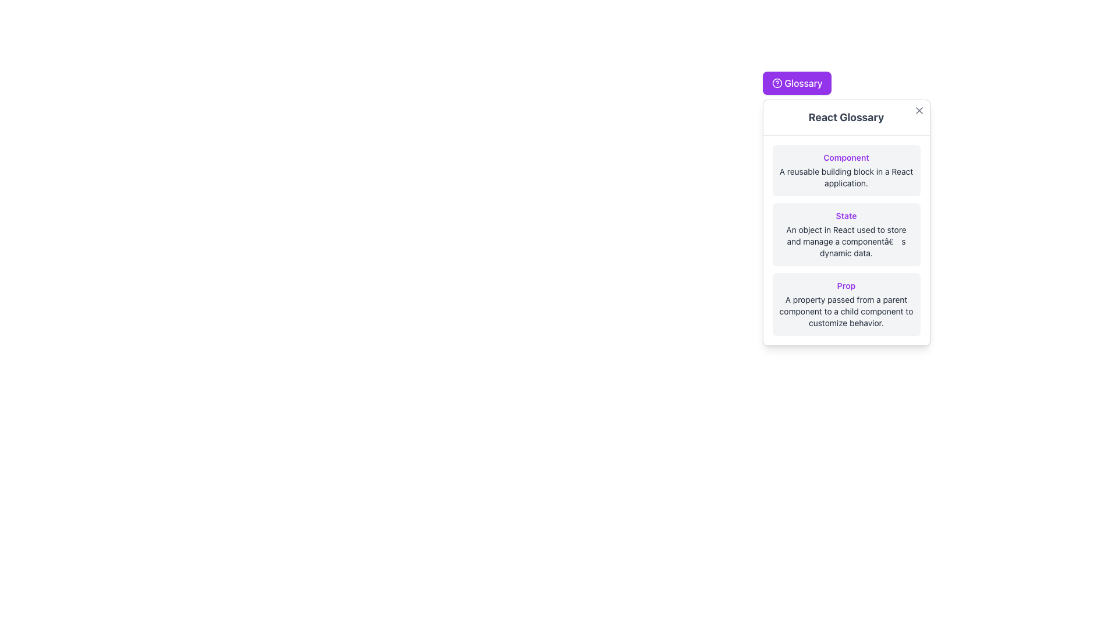 Image resolution: width=1118 pixels, height=629 pixels. I want to click on the text label displaying 'Prop' in a purple bold font located in the bottom section of the 'React Glossary' card, so click(846, 285).